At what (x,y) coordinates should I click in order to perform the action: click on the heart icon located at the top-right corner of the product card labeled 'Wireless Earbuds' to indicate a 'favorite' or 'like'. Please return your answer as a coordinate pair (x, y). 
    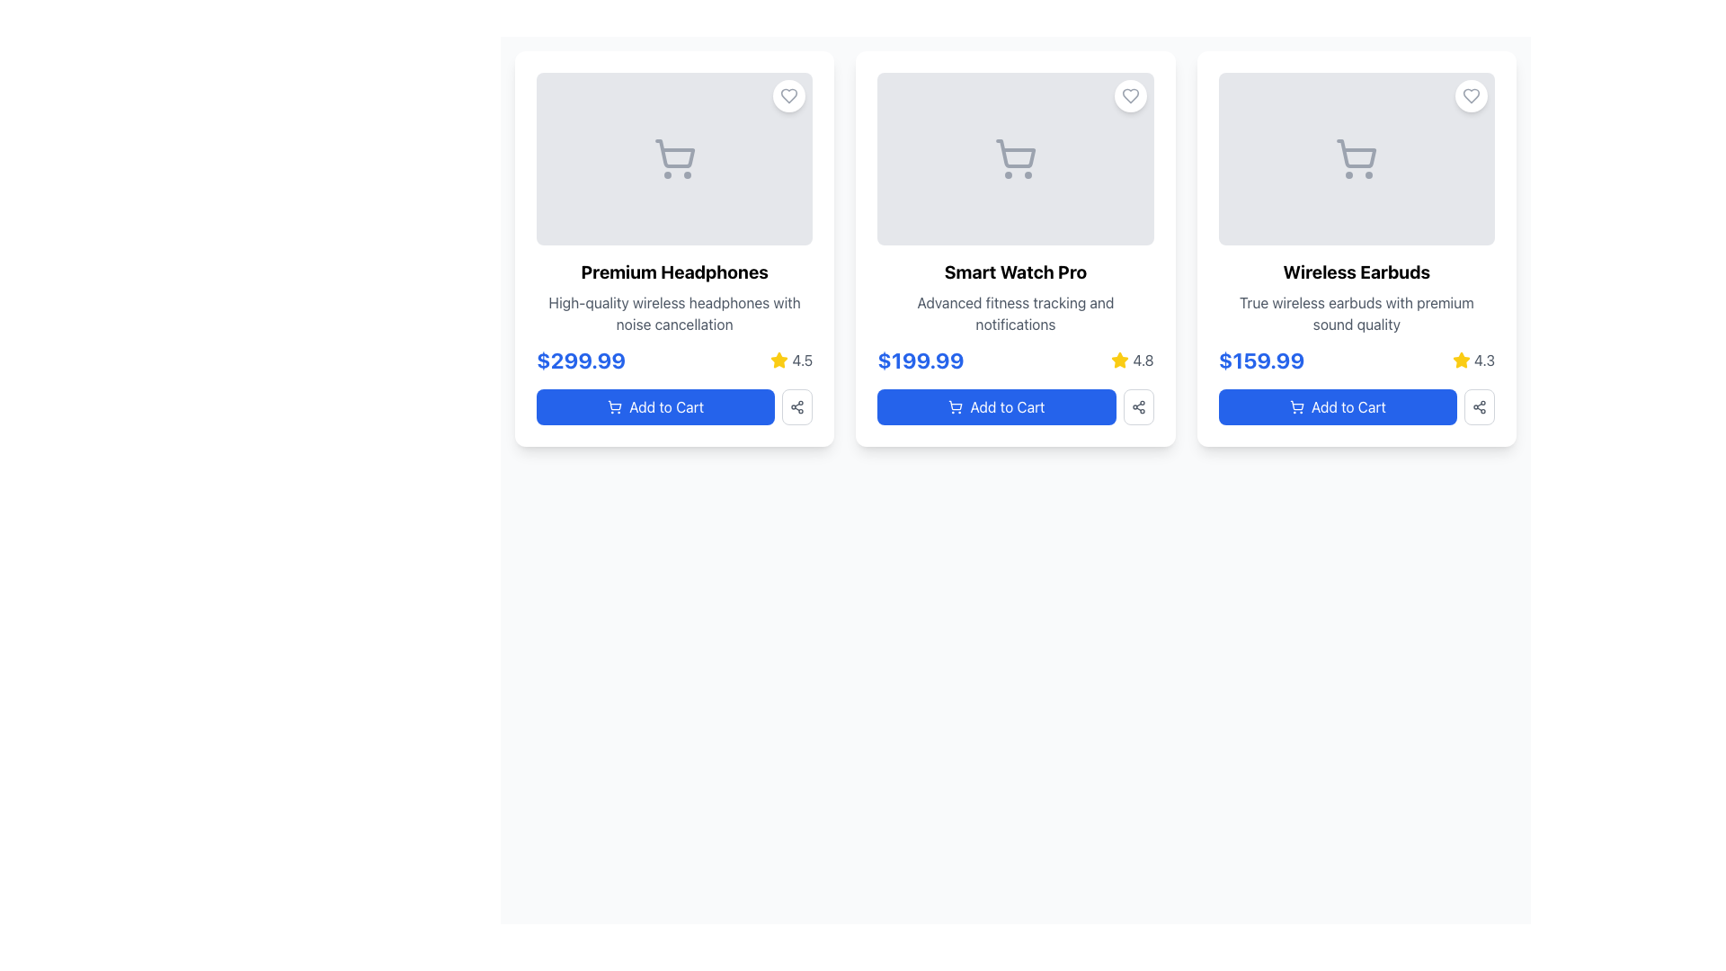
    Looking at the image, I should click on (1471, 96).